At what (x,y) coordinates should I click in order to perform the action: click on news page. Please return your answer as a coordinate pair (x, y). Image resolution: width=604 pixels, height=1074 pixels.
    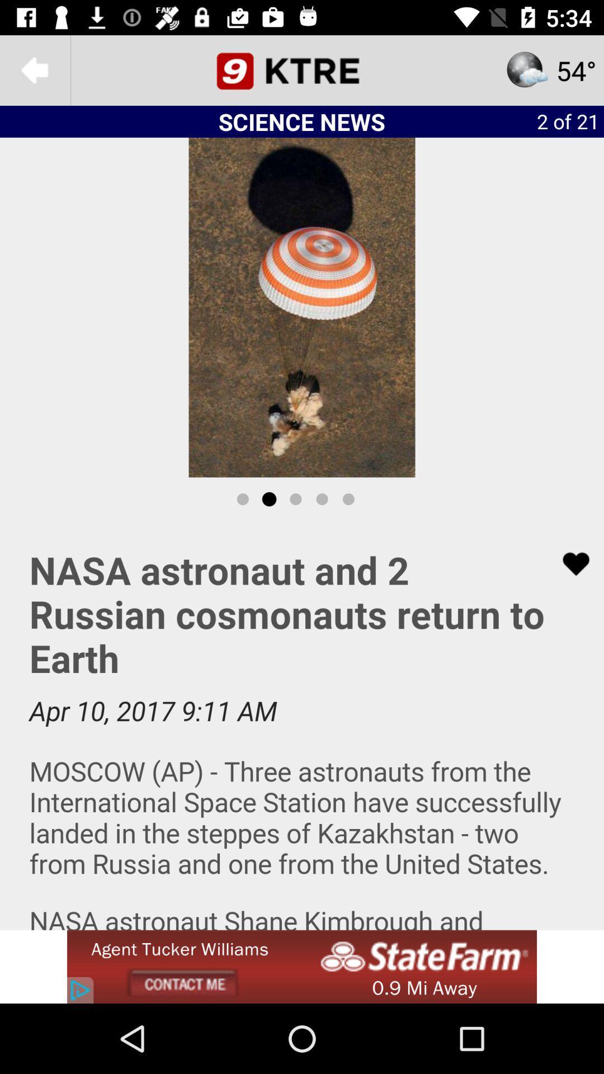
    Looking at the image, I should click on (302, 69).